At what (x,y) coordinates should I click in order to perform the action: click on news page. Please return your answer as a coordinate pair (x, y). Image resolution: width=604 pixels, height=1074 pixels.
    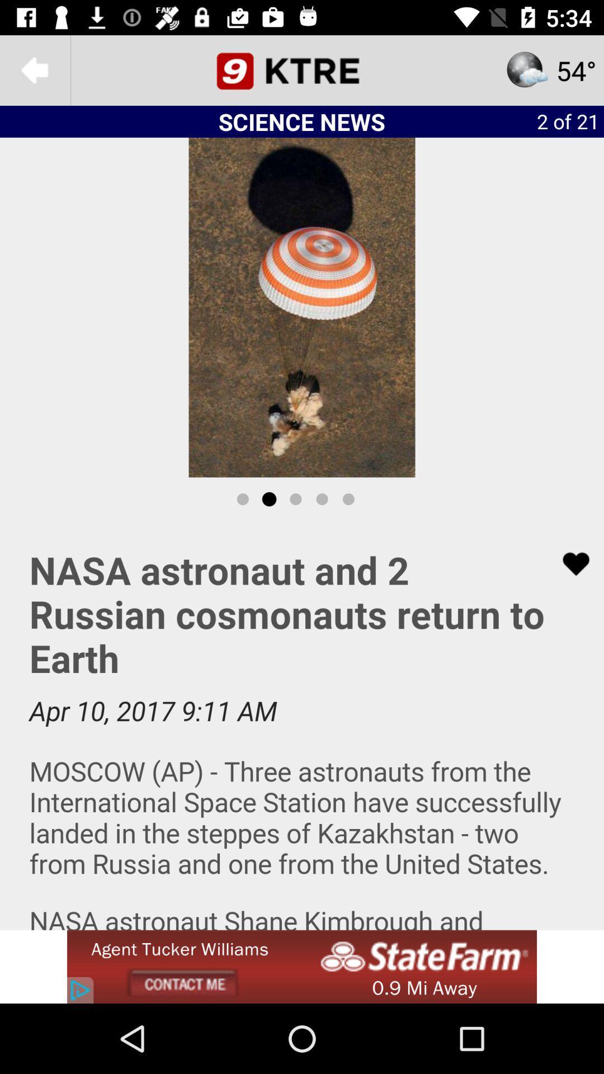
    Looking at the image, I should click on (302, 69).